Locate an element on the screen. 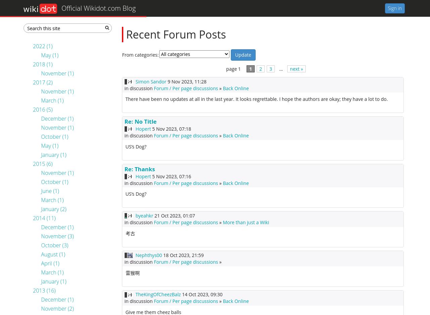 The image size is (430, 315). 'Nephthys00' is located at coordinates (148, 254).